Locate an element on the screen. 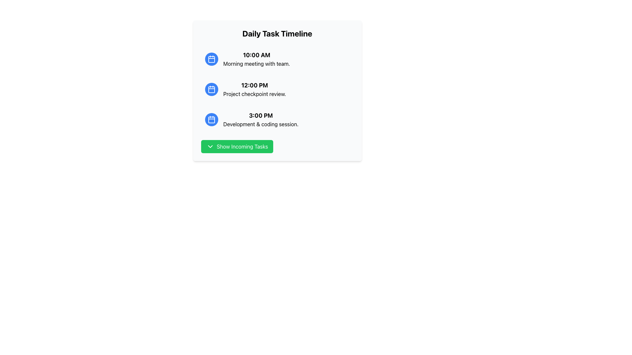 The height and width of the screenshot is (355, 632). the Text and Icon List Item element displaying '3:00 PM Development & coding session.' for further actions is located at coordinates (277, 119).